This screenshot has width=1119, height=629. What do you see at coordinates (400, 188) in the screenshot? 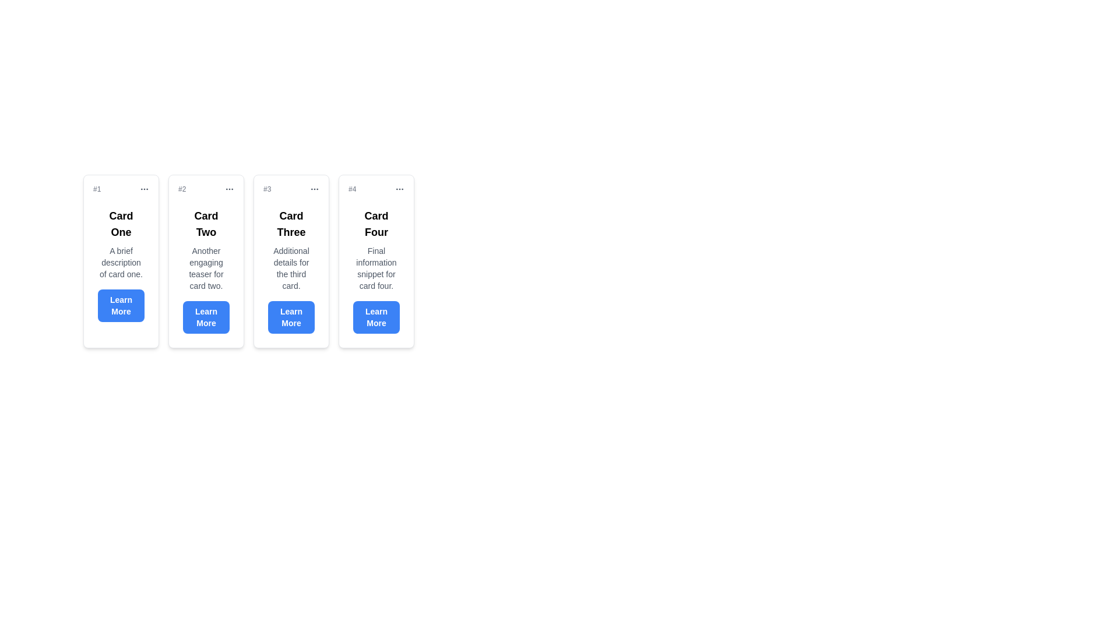
I see `the menu trigger icon located in the top-right corner of the fourth card, adjacent to the title '#4'` at bounding box center [400, 188].